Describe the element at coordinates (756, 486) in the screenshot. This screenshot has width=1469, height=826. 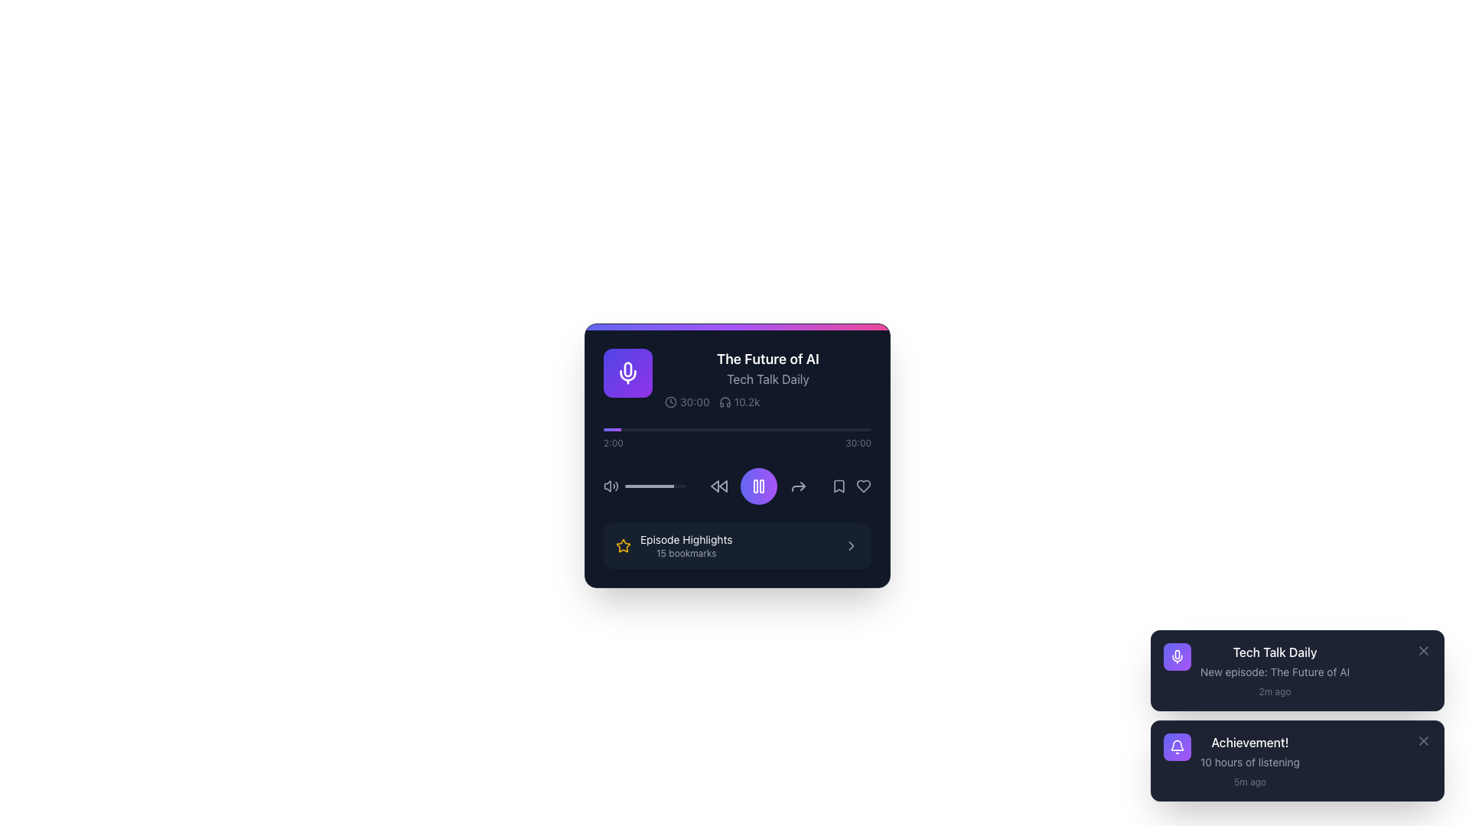
I see `the first vertical bar of the pause icon located within the circular button in the media control section` at that location.